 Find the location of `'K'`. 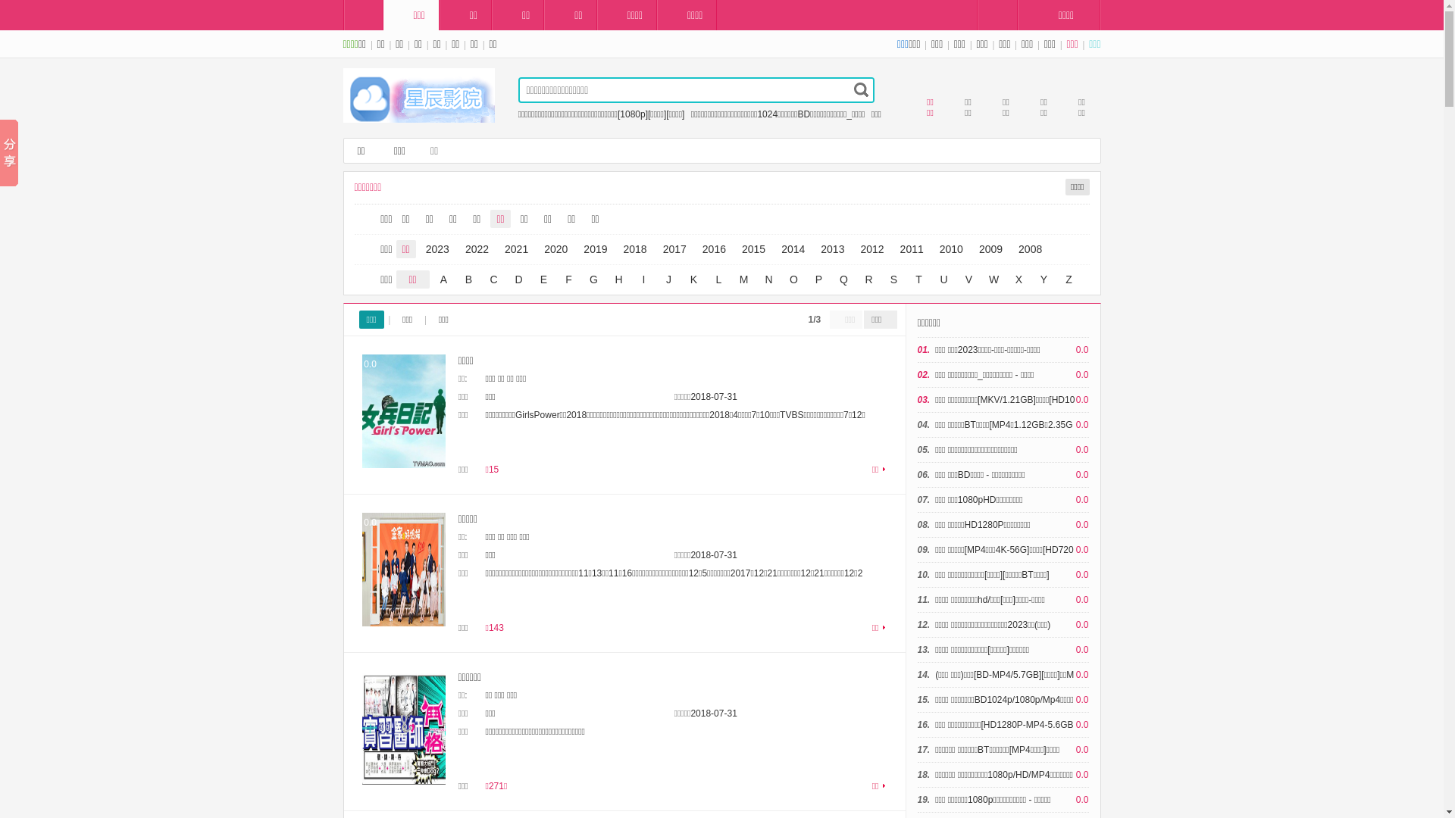

'K' is located at coordinates (693, 279).